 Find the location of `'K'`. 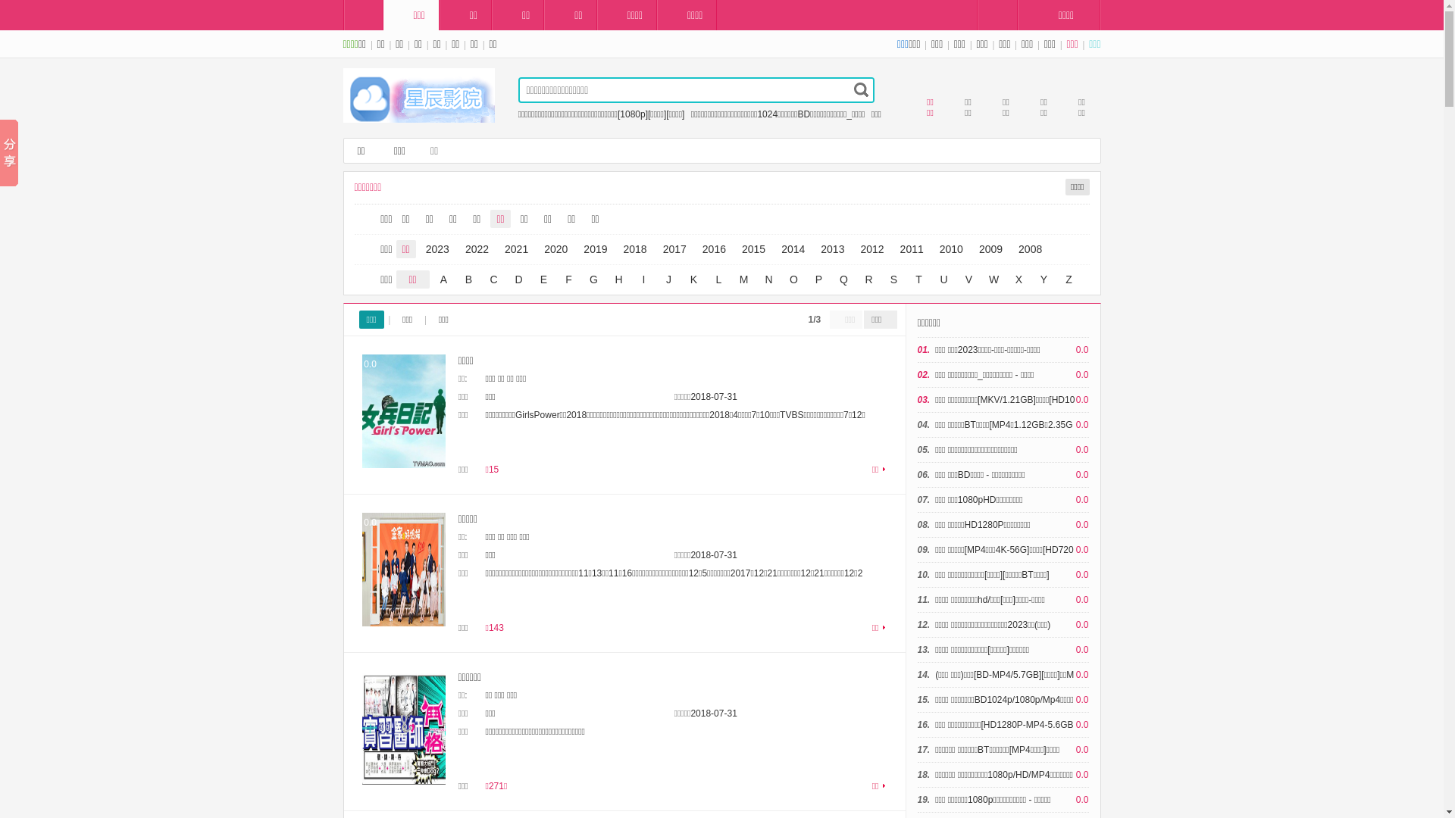

'K' is located at coordinates (693, 279).